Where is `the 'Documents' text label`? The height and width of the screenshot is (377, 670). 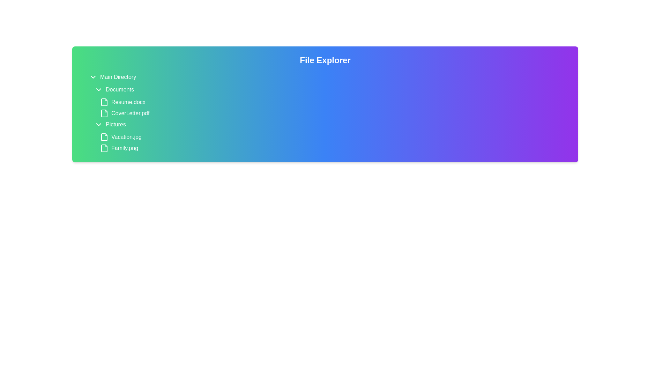
the 'Documents' text label is located at coordinates (120, 89).